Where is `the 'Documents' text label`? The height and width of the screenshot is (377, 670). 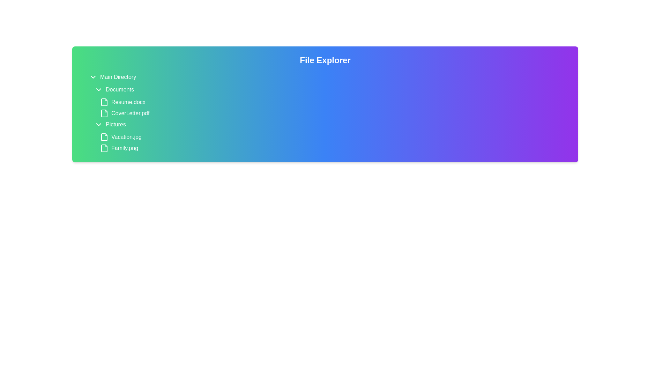
the 'Documents' text label is located at coordinates (120, 89).